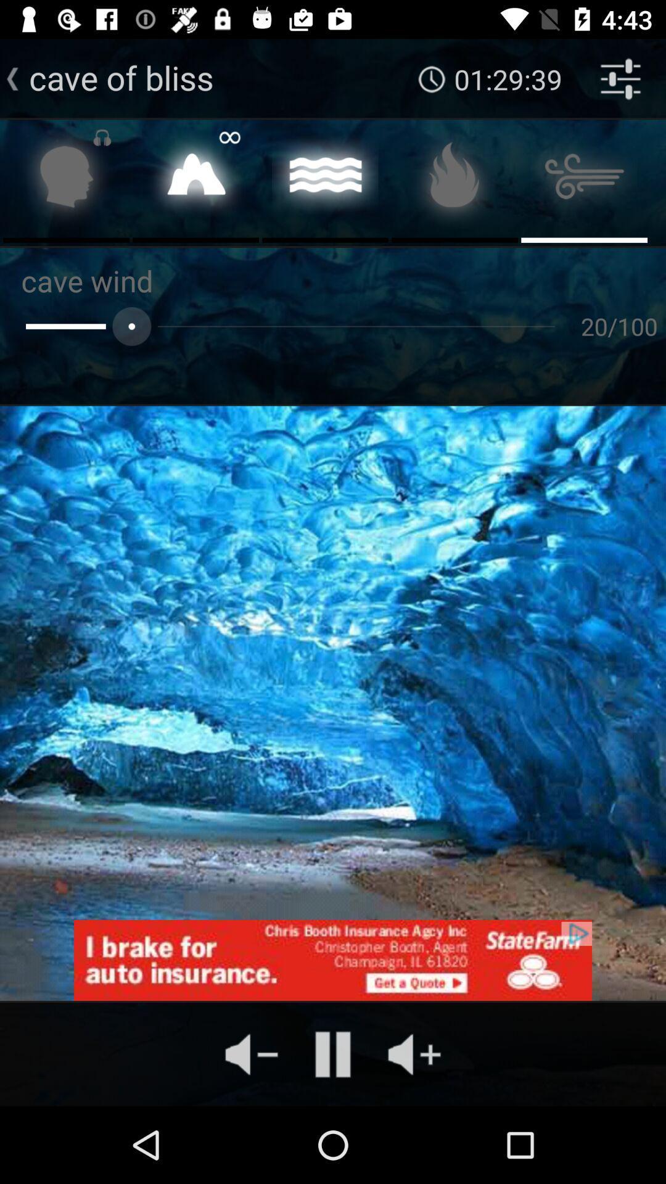 The width and height of the screenshot is (666, 1184). I want to click on the arrow_backward icon, so click(12, 78).